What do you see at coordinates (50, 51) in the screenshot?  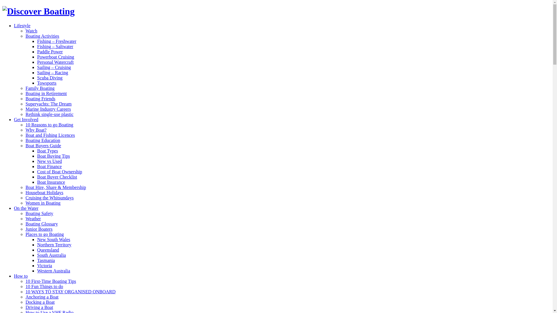 I see `'Paddle Power'` at bounding box center [50, 51].